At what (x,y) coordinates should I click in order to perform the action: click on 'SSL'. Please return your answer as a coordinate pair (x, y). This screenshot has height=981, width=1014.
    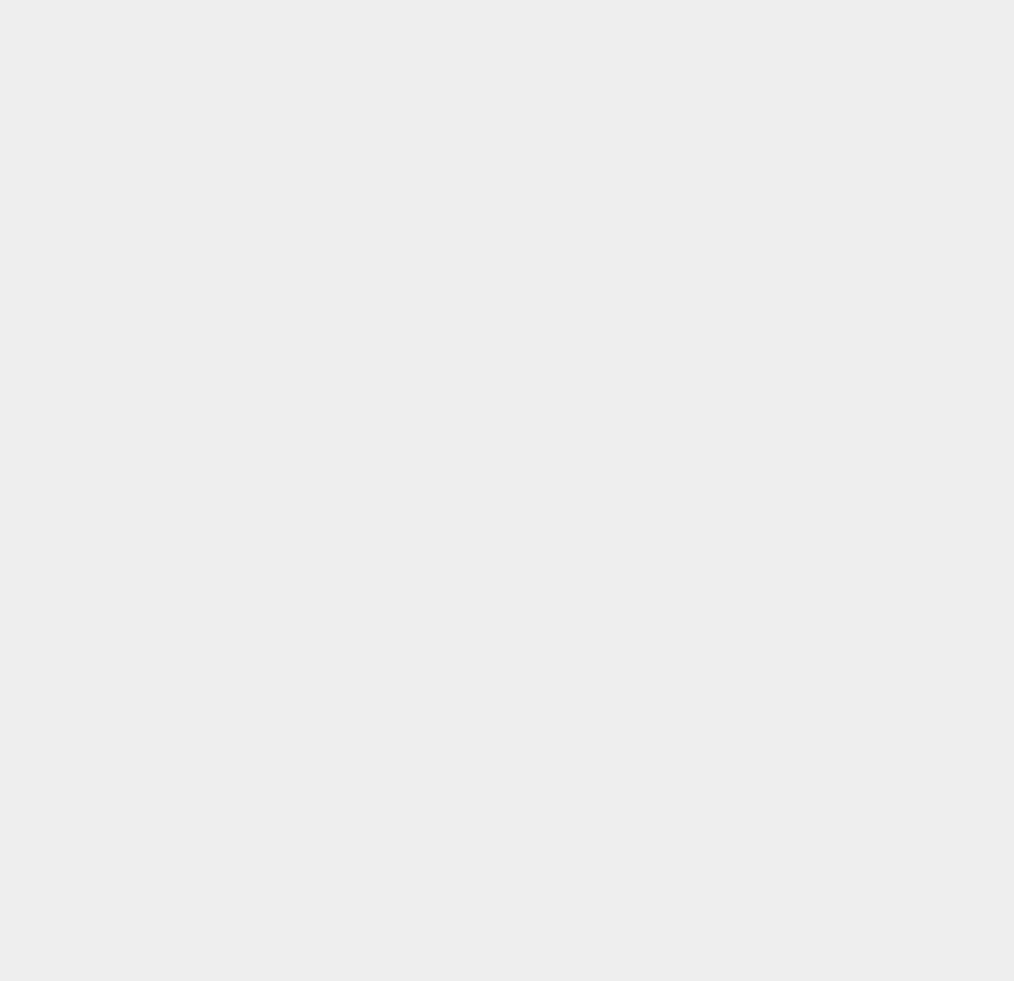
    Looking at the image, I should click on (728, 788).